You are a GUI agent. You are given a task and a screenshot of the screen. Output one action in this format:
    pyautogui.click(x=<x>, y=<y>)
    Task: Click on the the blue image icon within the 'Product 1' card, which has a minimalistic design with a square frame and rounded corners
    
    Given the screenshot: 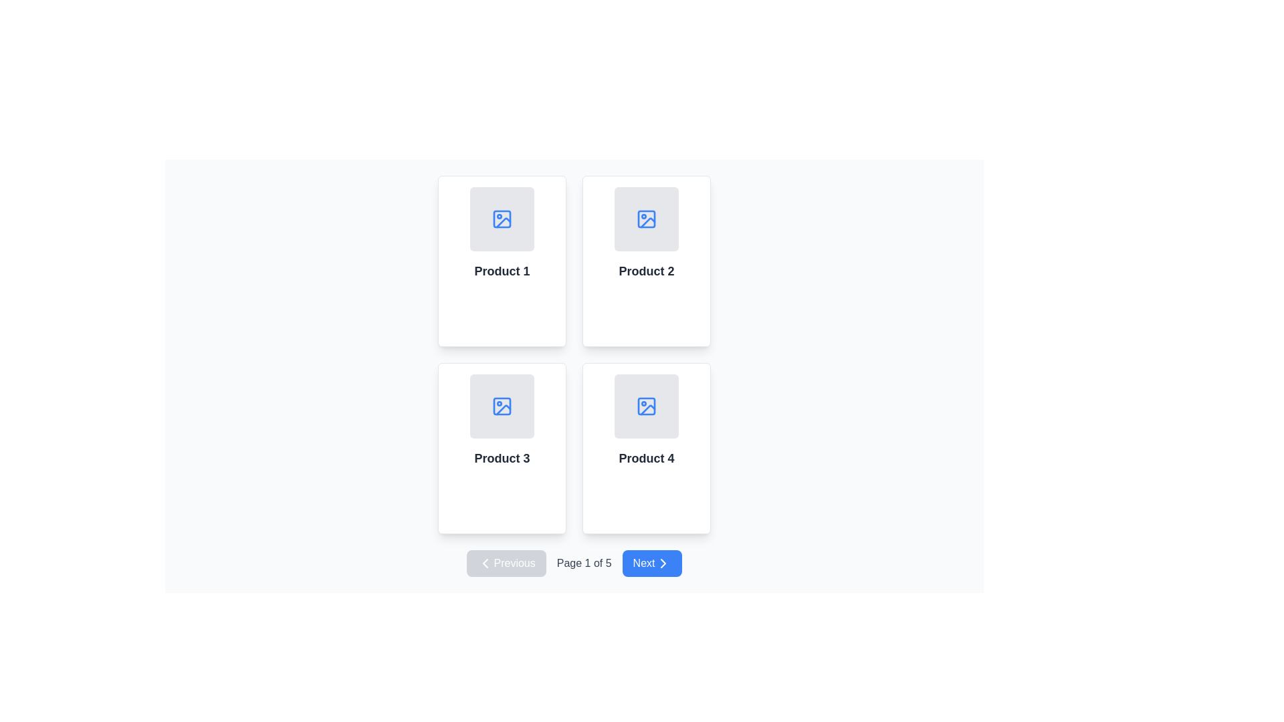 What is the action you would take?
    pyautogui.click(x=501, y=218)
    